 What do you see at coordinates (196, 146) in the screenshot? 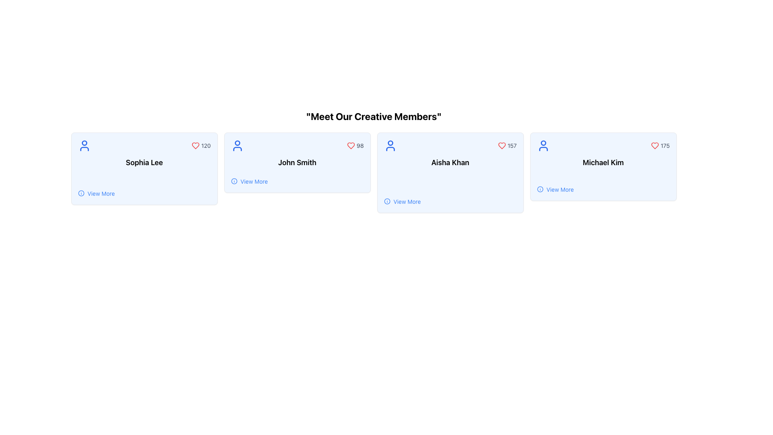
I see `the heart-shaped icon in the top-right corner of the card component associated with 'Sophia Lee', which is used to signify appreciation for the content` at bounding box center [196, 146].